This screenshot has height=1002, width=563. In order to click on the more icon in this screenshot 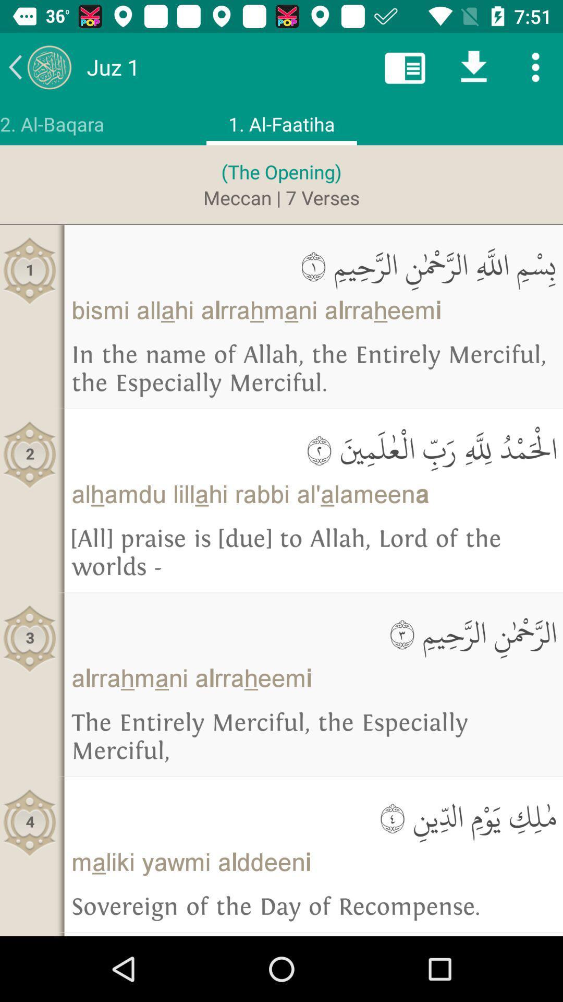, I will do `click(535, 66)`.